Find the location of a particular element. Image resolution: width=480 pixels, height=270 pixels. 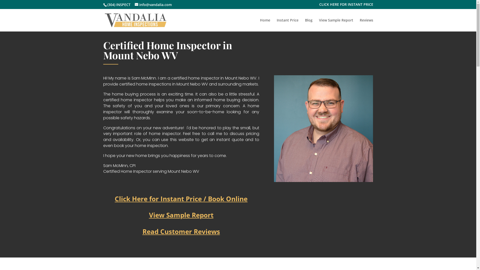

'View Sample Report' is located at coordinates (181, 215).